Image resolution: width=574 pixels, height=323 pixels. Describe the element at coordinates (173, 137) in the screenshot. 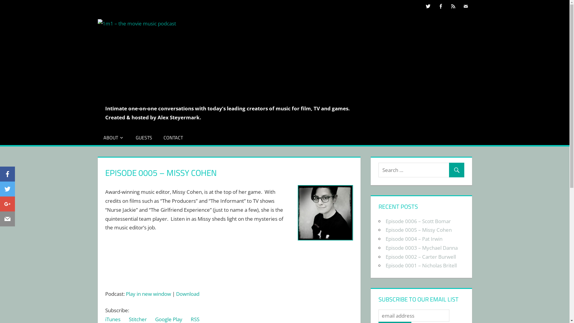

I see `'CONTACT'` at that location.